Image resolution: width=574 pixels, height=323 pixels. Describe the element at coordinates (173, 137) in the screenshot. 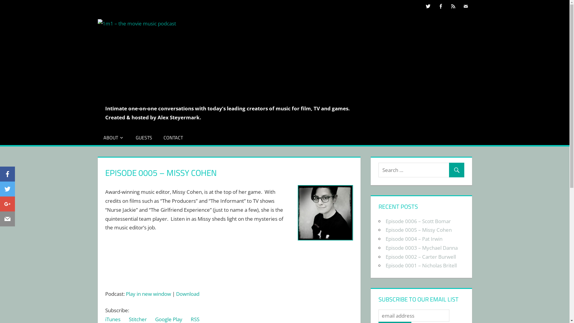

I see `'CONTACT'` at that location.